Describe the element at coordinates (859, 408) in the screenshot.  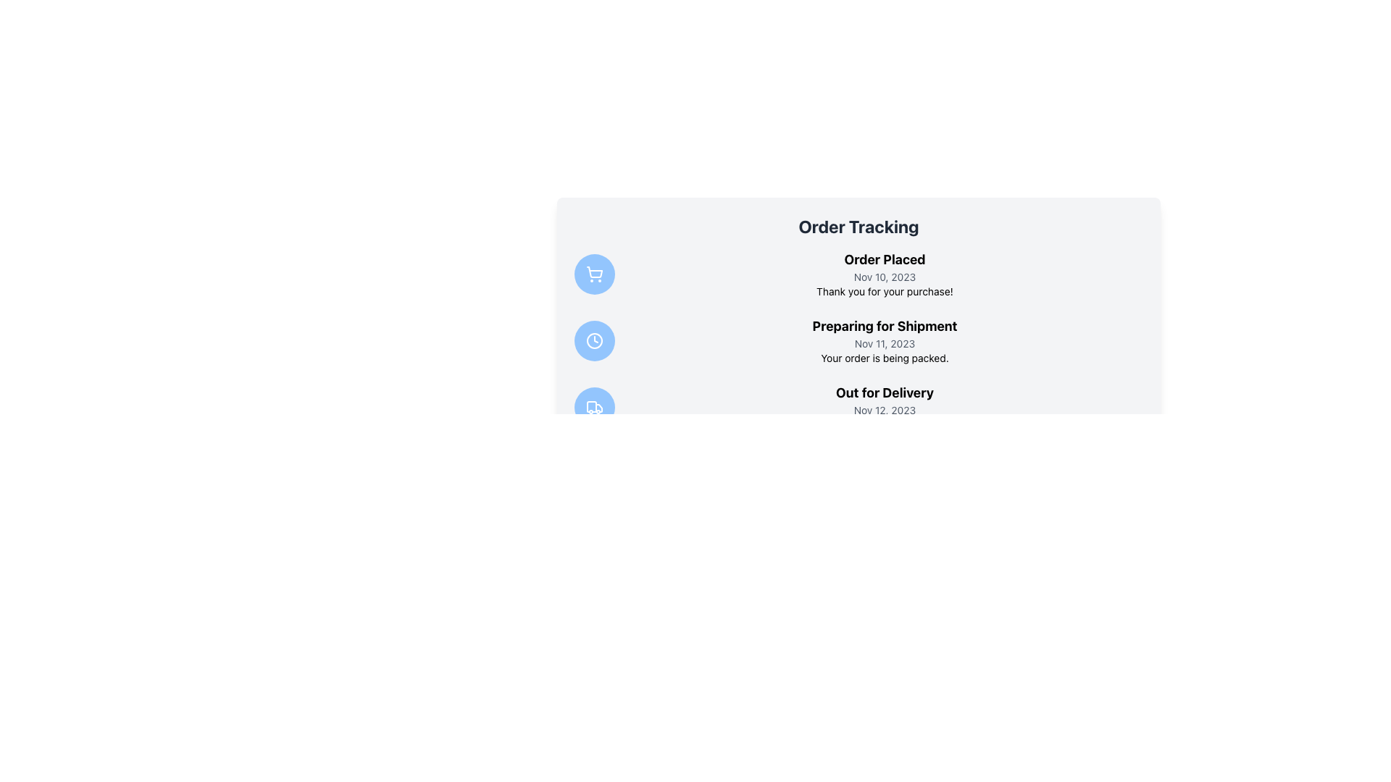
I see `information from the Status Block, which features a blue circle with a truck icon and hierarchical text layout, positioned as the third item in a vertical sequence` at that location.